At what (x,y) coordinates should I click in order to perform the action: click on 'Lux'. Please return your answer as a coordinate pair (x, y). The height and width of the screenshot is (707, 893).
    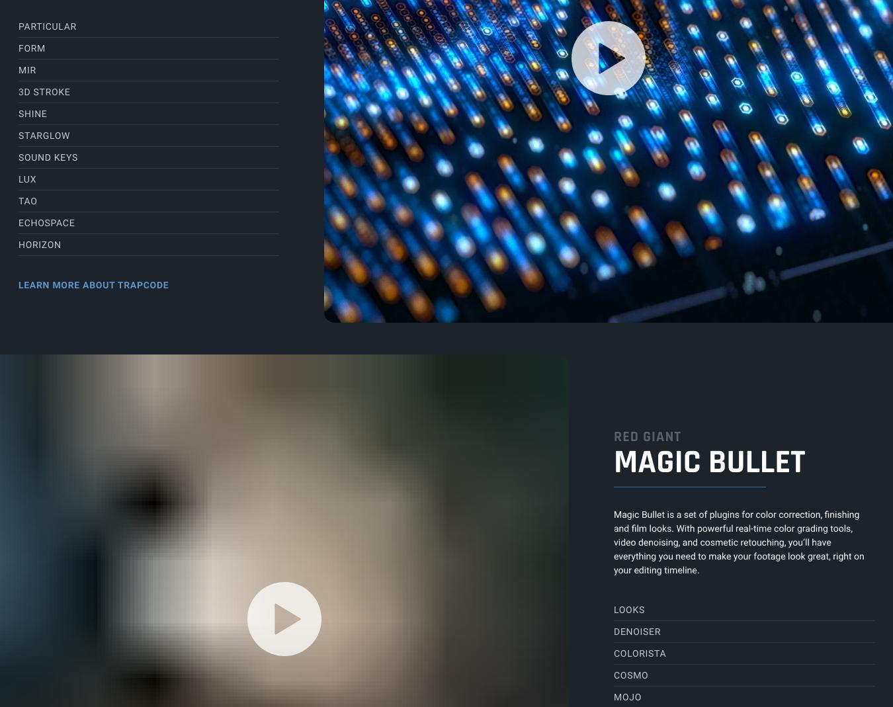
    Looking at the image, I should click on (26, 178).